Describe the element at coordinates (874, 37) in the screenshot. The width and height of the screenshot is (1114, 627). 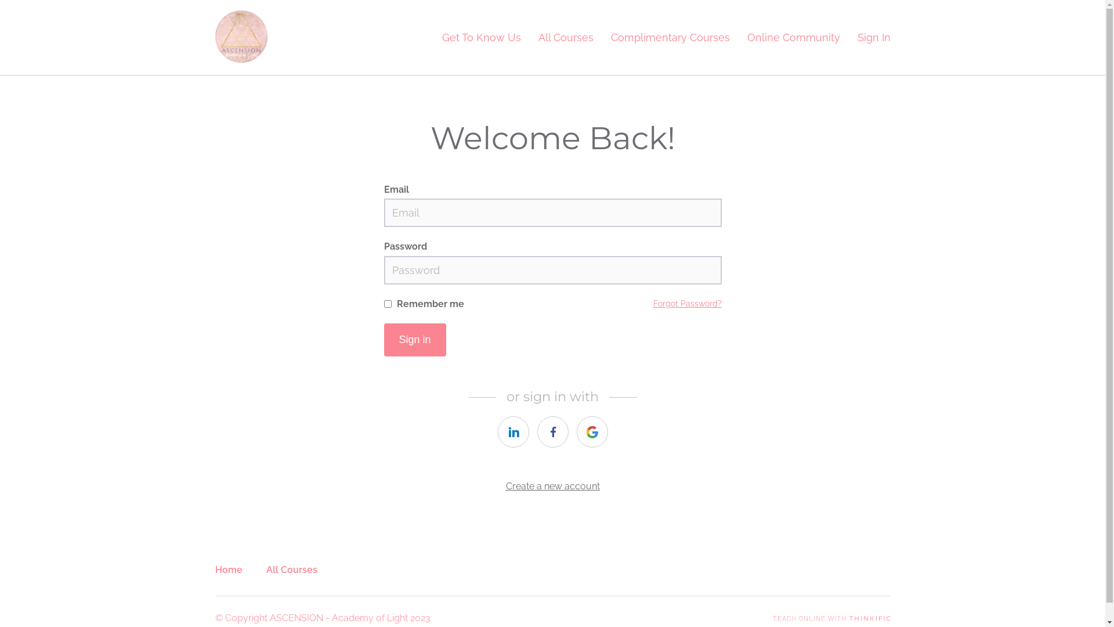
I see `'Sign In'` at that location.